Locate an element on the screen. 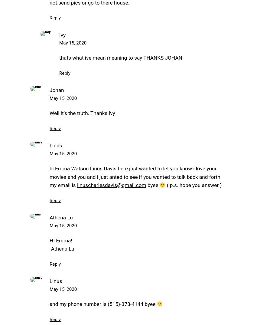  'byee' is located at coordinates (152, 185).